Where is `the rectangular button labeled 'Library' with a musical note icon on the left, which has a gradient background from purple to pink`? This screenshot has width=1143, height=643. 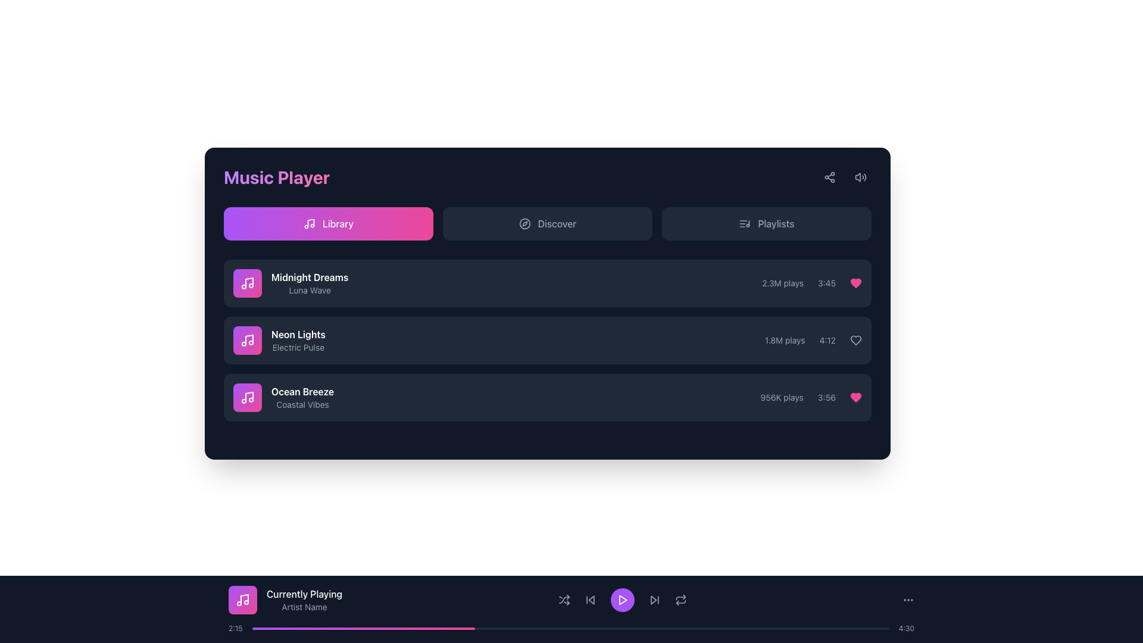
the rectangular button labeled 'Library' with a musical note icon on the left, which has a gradient background from purple to pink is located at coordinates (329, 223).